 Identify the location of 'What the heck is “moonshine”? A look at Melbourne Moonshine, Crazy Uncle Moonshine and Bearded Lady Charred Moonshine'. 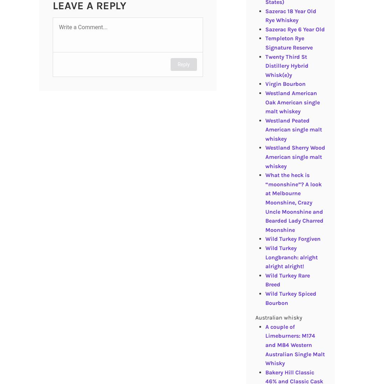
(294, 202).